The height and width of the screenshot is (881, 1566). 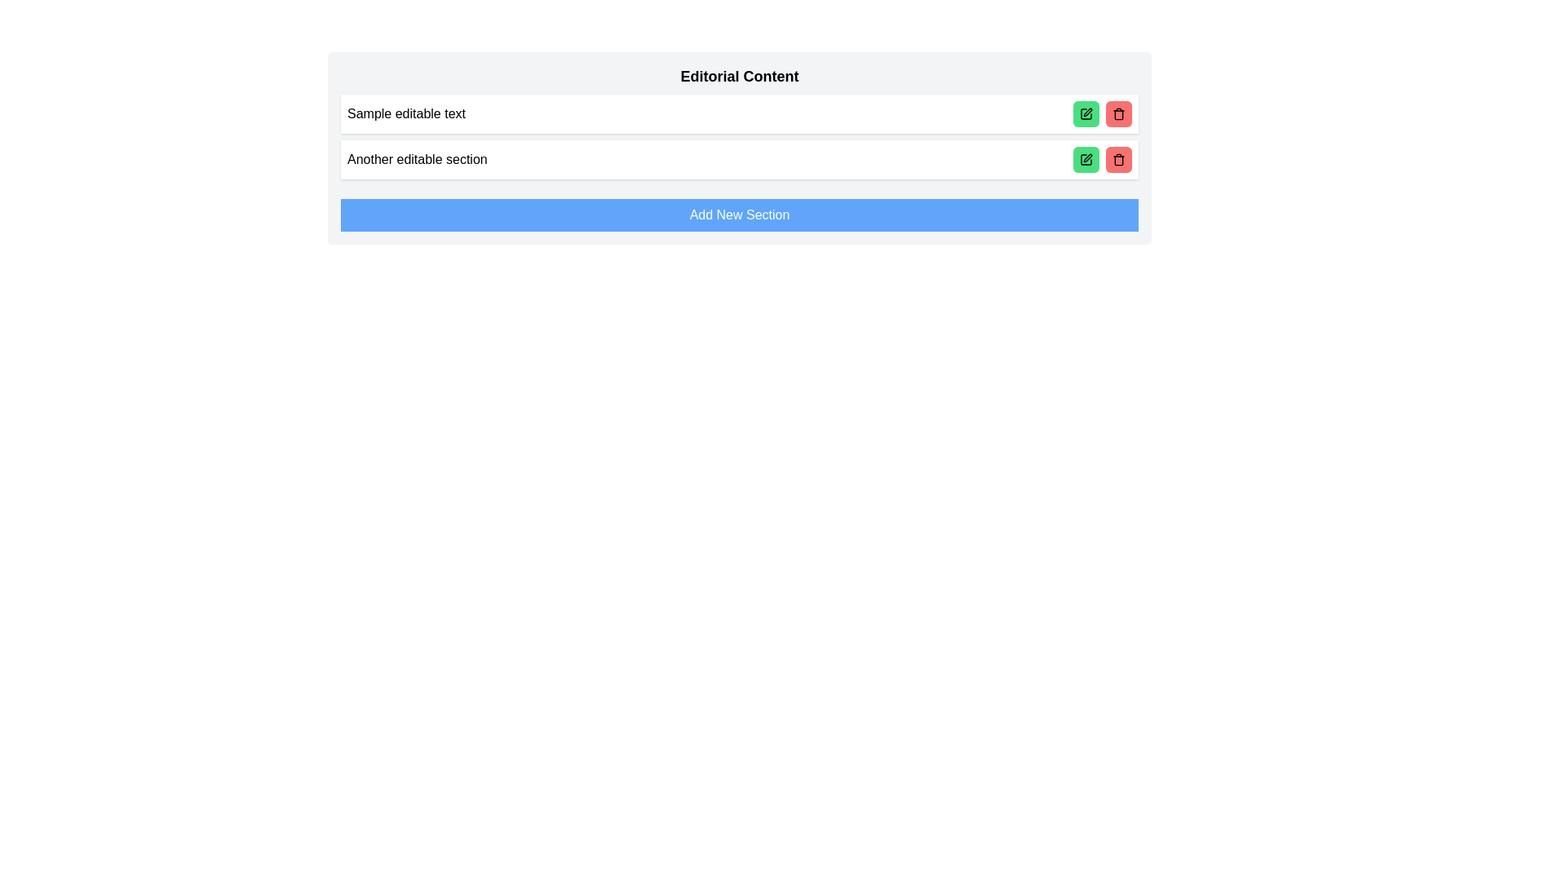 What do you see at coordinates (1118, 160) in the screenshot?
I see `the trash can icon located within the red rectangular delete button at the right end of the first editable text section` at bounding box center [1118, 160].